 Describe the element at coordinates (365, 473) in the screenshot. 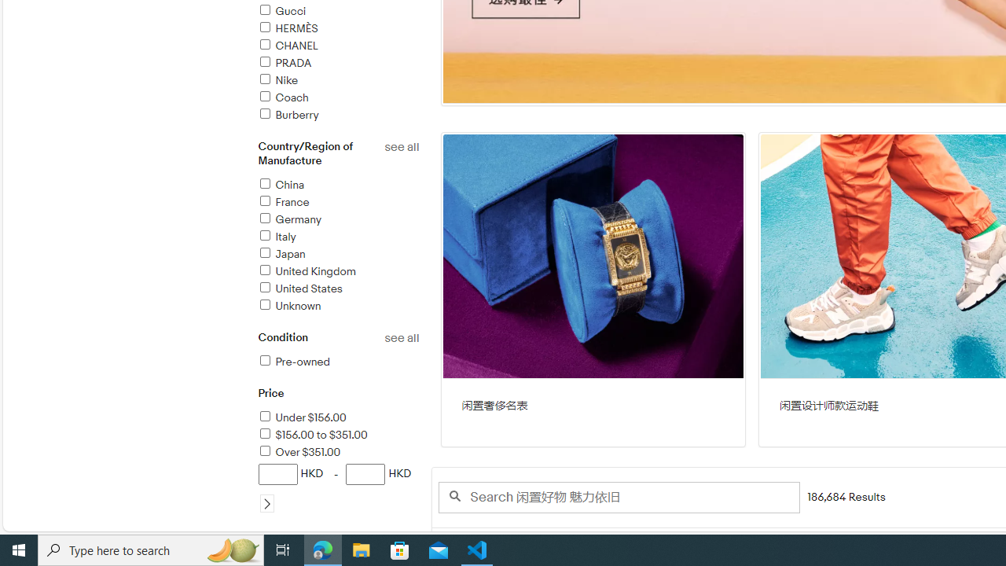

I see `'Maximum Value'` at that location.